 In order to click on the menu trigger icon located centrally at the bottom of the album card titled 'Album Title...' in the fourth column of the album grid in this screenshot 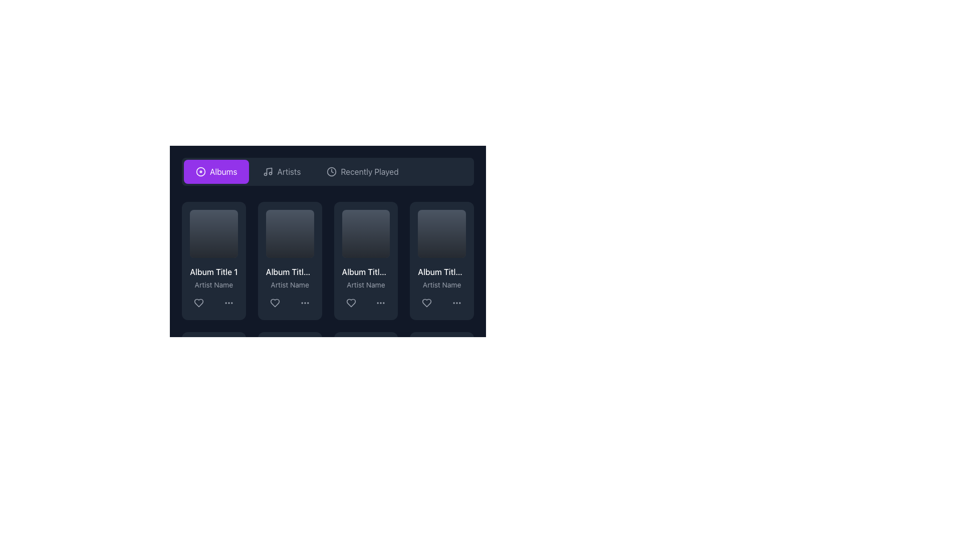, I will do `click(456, 302)`.